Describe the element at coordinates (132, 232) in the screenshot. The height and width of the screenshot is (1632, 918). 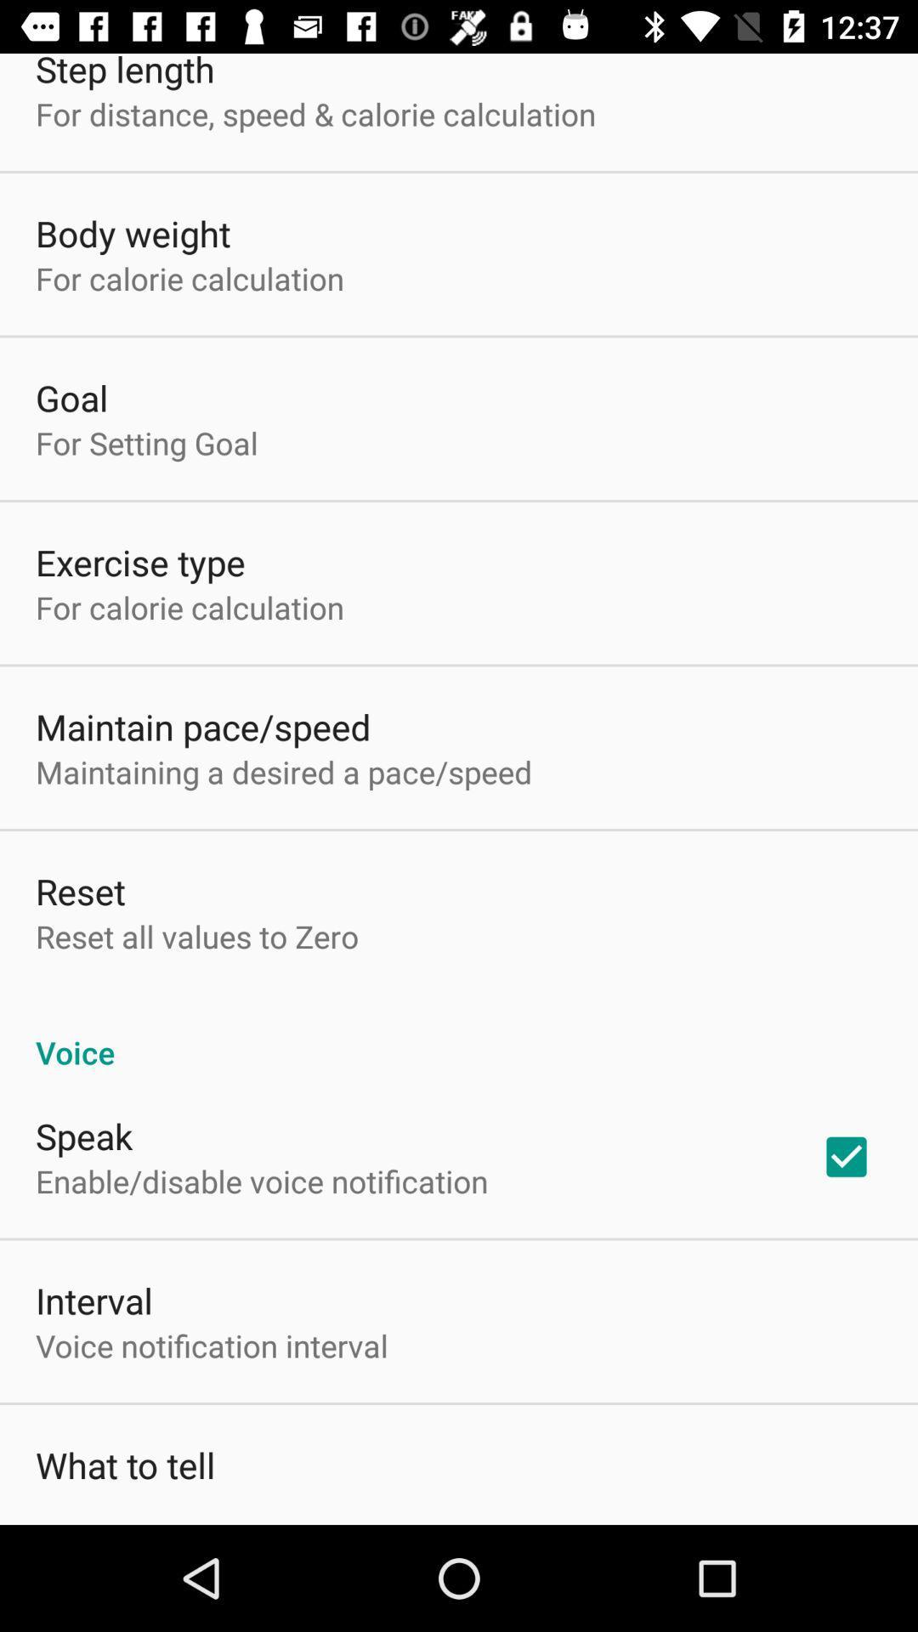
I see `icon above for calorie calculation item` at that location.